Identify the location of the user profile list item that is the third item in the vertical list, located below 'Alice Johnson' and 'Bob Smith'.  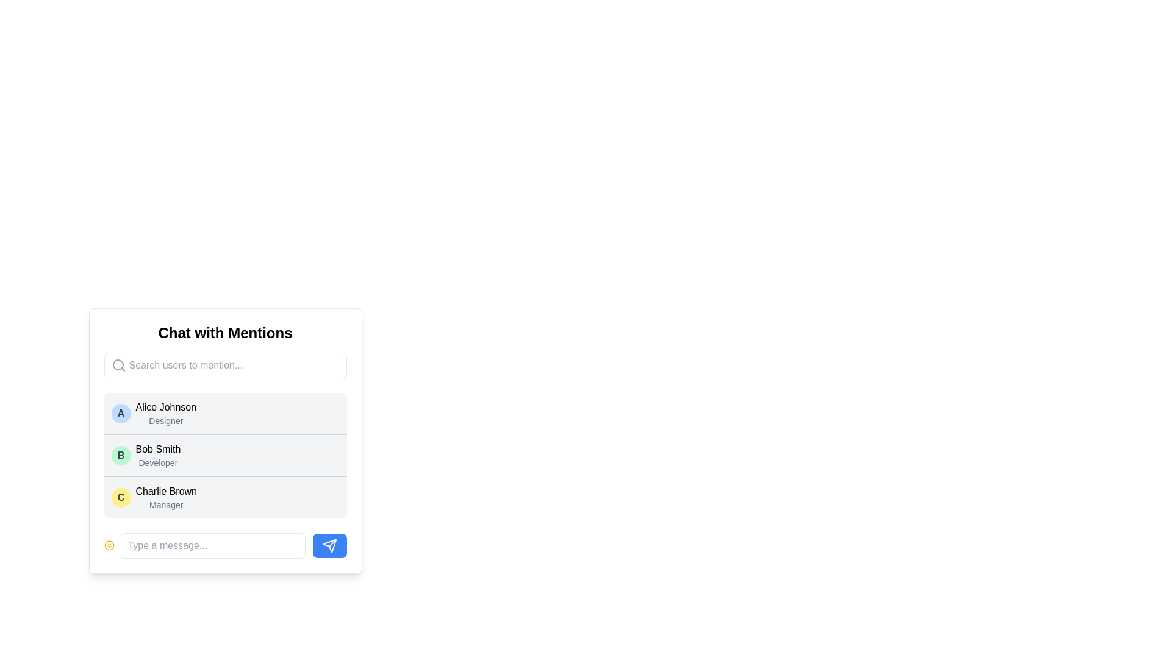
(225, 497).